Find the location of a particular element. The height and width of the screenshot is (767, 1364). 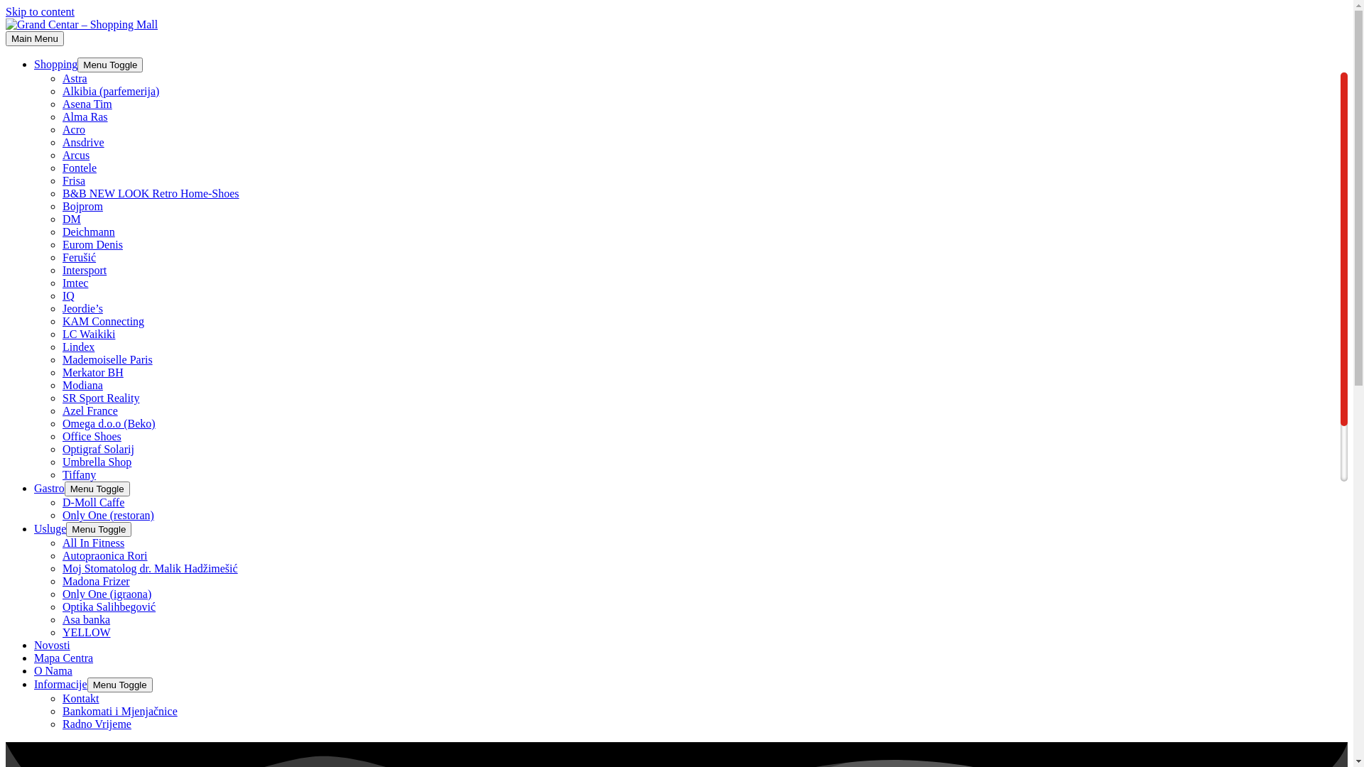

'Astra' is located at coordinates (74, 78).